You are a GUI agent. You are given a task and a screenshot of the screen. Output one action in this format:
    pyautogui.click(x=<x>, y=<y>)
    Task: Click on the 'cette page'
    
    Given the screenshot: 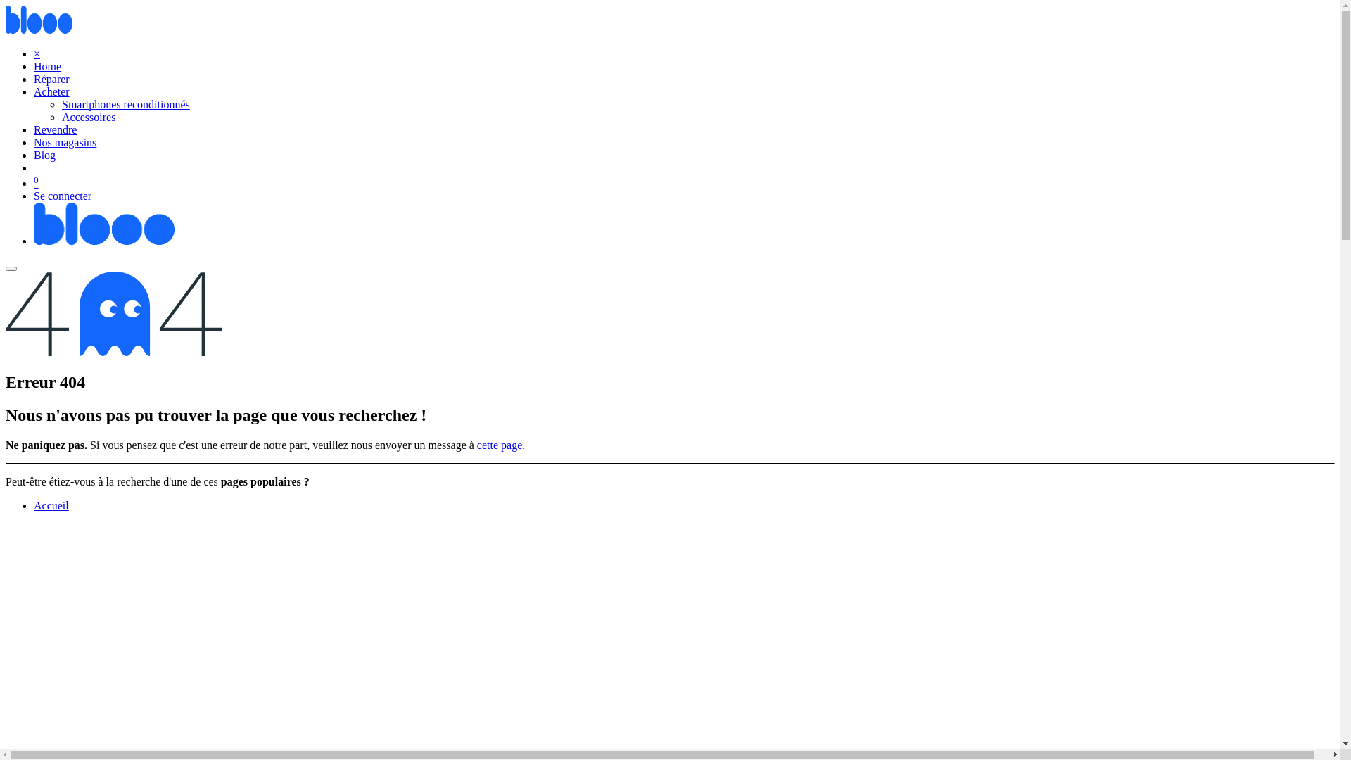 What is the action you would take?
    pyautogui.click(x=476, y=445)
    